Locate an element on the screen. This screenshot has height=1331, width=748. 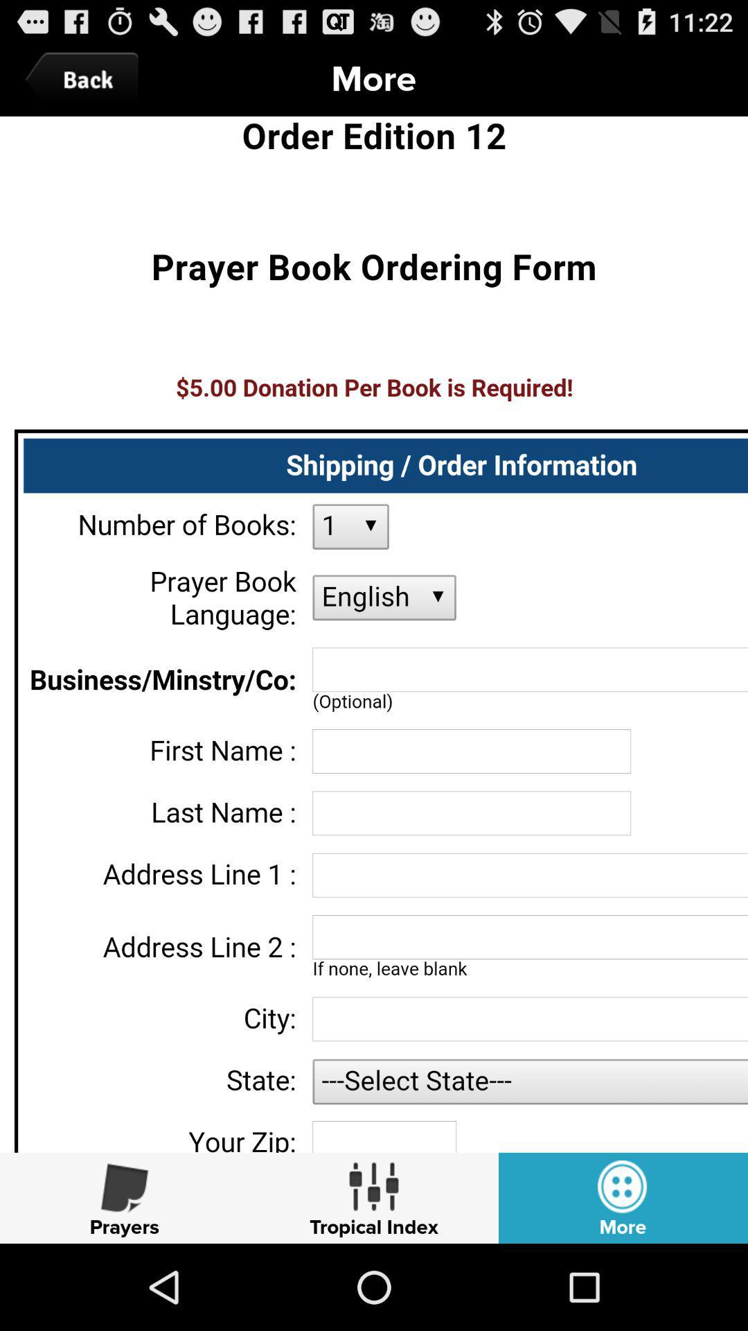
go back is located at coordinates (85, 79).